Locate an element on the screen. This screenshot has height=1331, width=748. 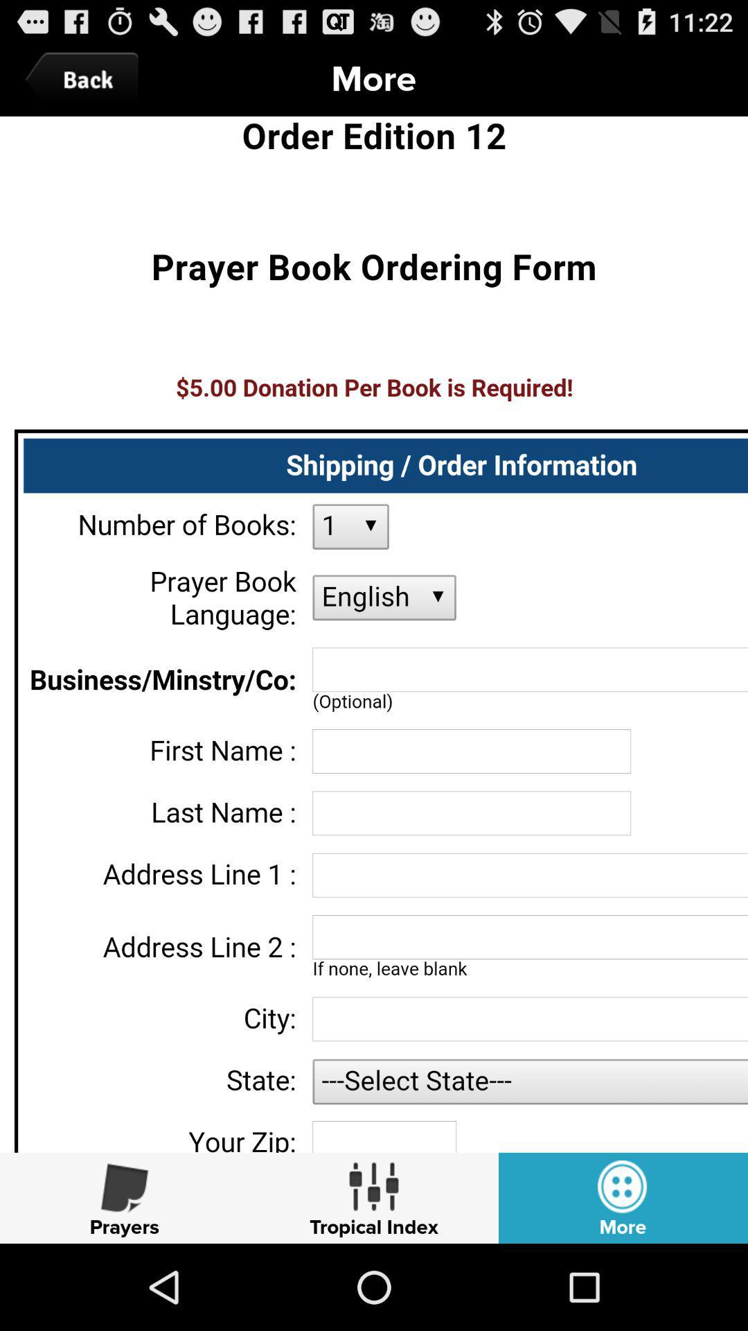
go back is located at coordinates (85, 79).